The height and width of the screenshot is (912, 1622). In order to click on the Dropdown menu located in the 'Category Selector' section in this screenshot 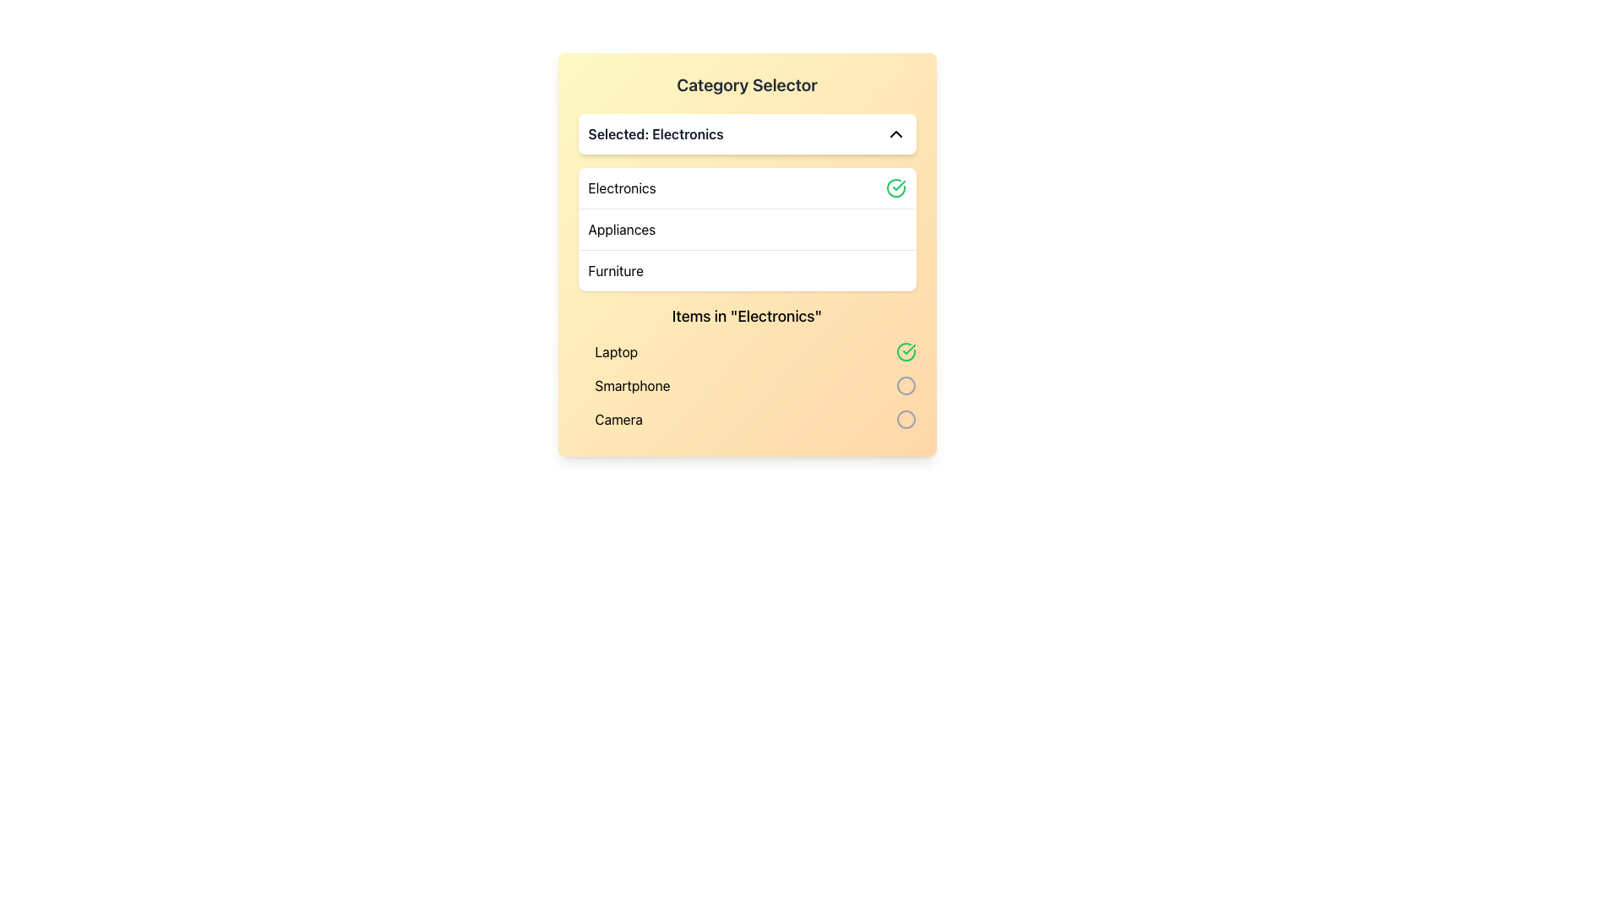, I will do `click(746, 274)`.